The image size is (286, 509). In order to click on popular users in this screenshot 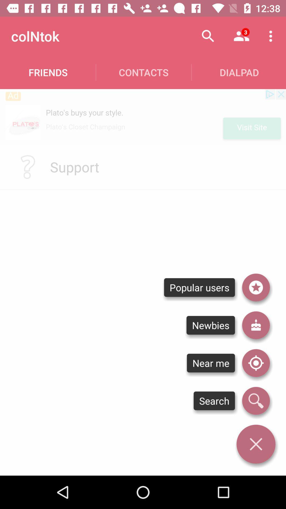, I will do `click(256, 287)`.